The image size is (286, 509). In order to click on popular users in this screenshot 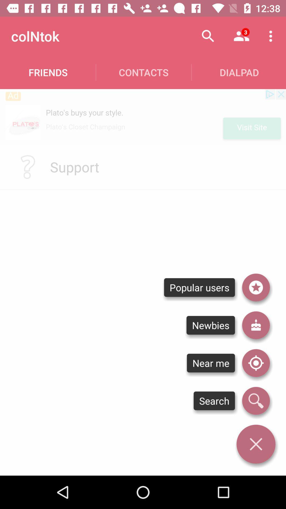, I will do `click(256, 287)`.